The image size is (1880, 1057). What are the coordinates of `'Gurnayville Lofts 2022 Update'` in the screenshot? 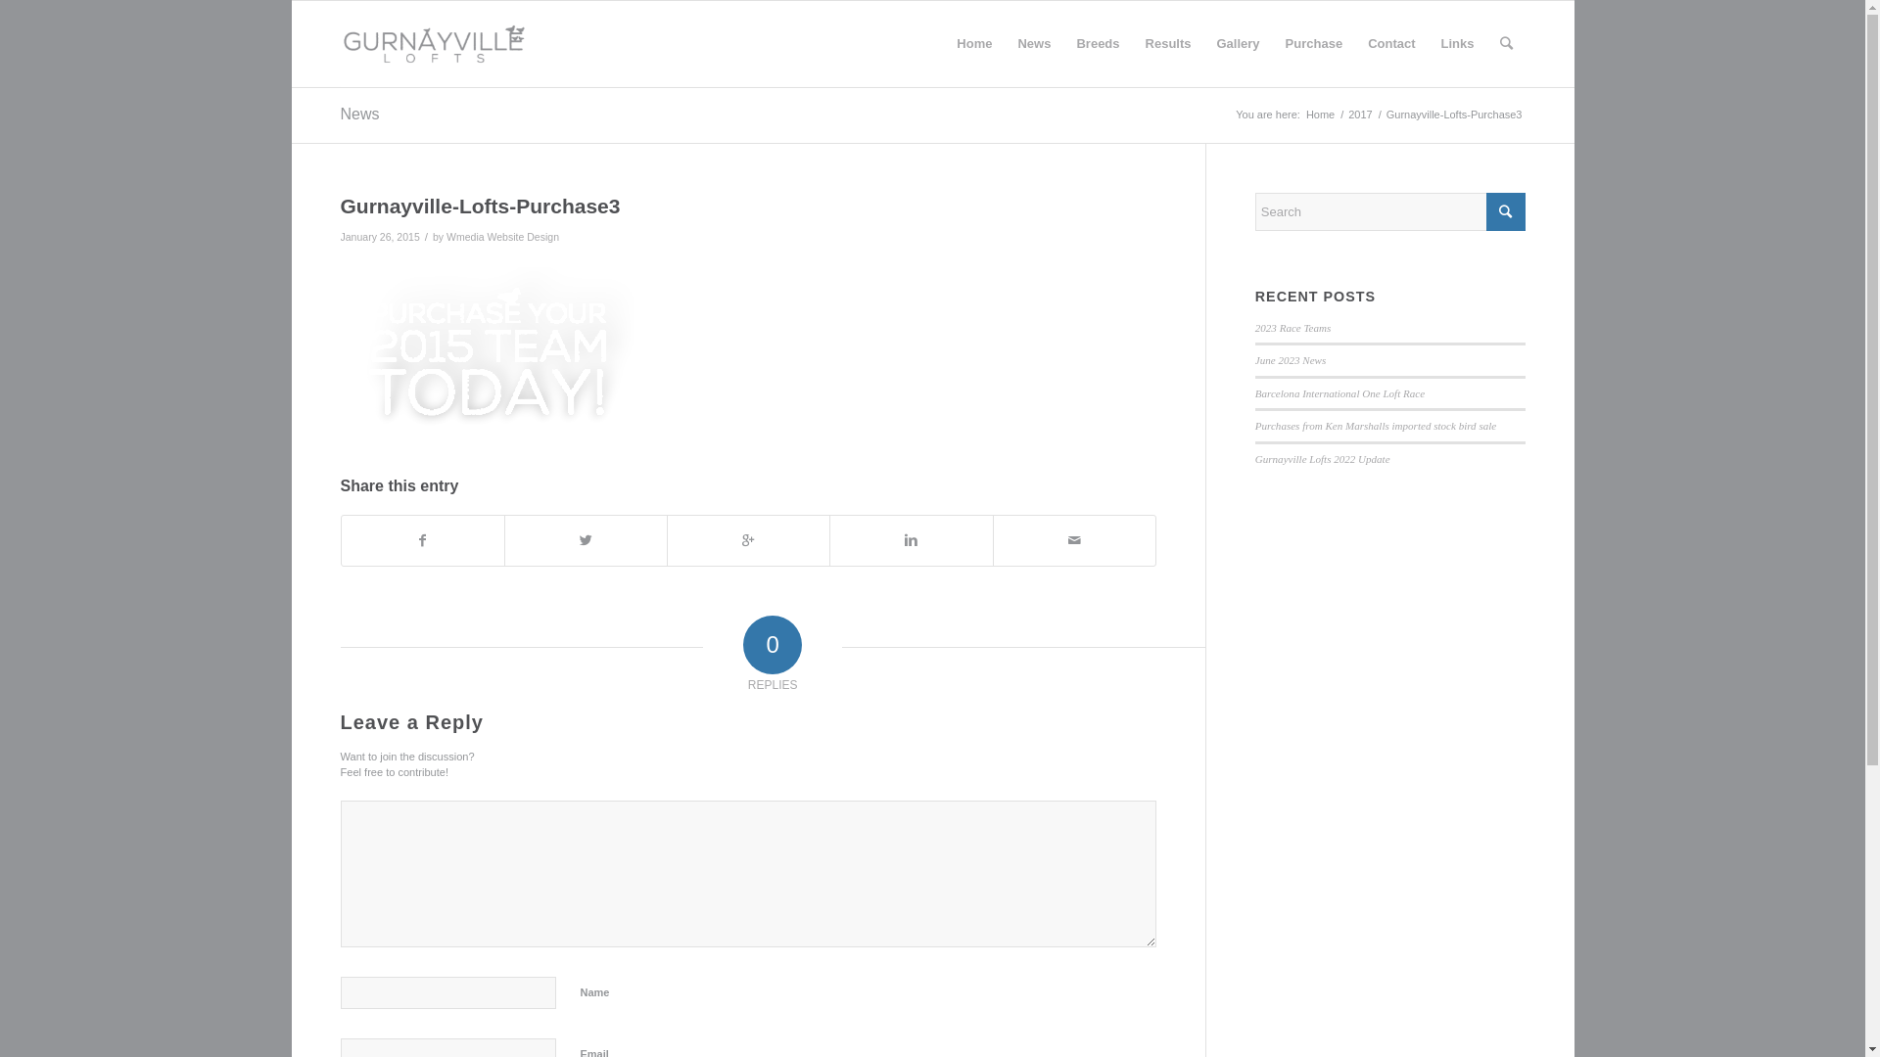 It's located at (1322, 459).